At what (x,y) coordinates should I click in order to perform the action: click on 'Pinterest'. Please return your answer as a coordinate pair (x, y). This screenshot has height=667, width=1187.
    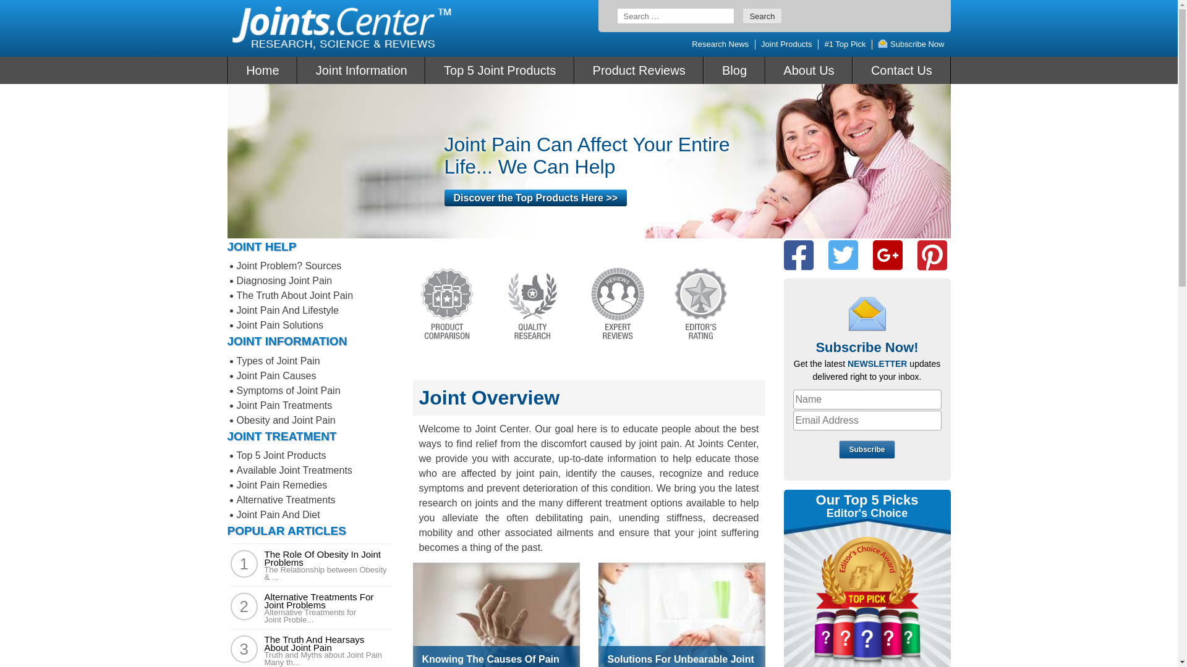
    Looking at the image, I should click on (932, 254).